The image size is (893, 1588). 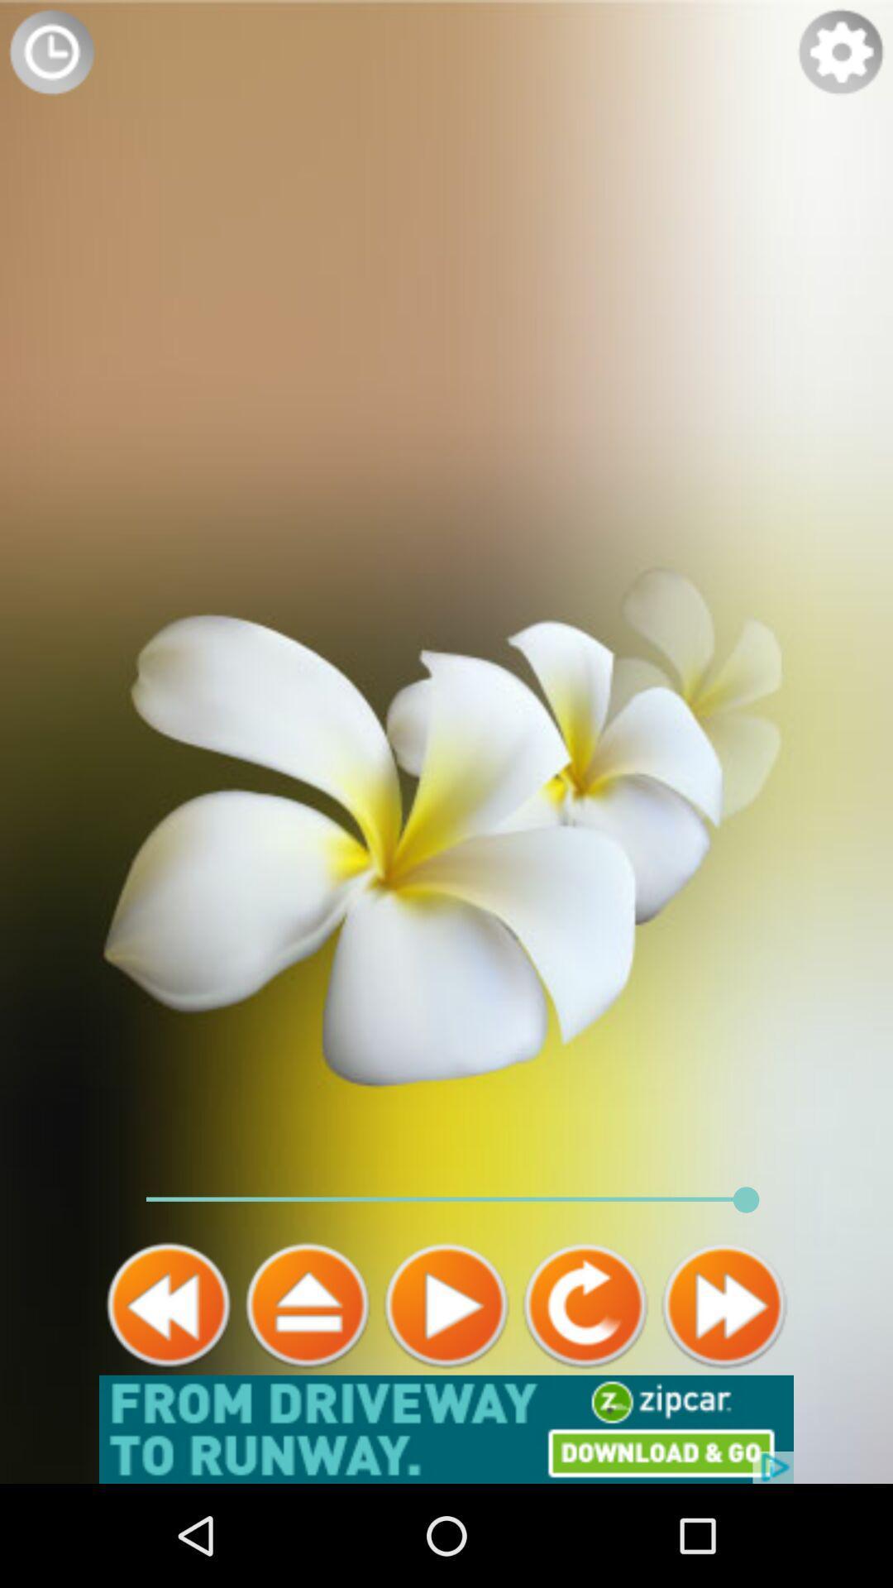 I want to click on menu, so click(x=307, y=1304).